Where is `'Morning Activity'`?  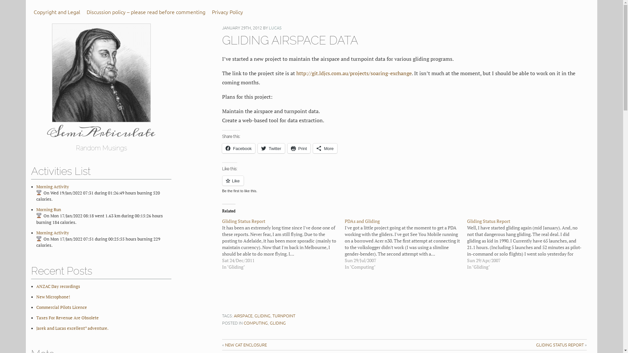
'Morning Activity' is located at coordinates (53, 232).